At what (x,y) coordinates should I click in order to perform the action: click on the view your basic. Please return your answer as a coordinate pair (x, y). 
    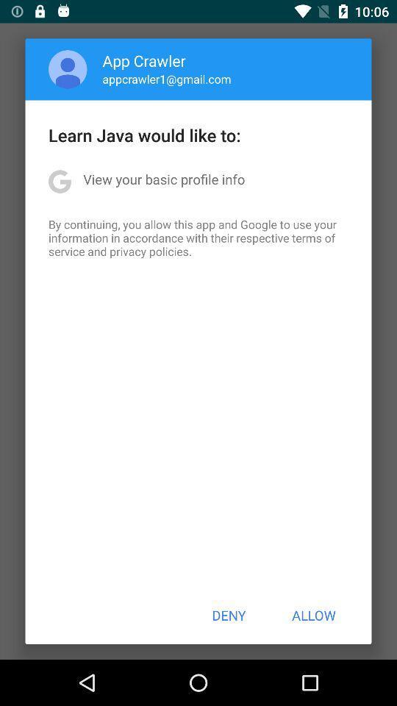
    Looking at the image, I should click on (163, 178).